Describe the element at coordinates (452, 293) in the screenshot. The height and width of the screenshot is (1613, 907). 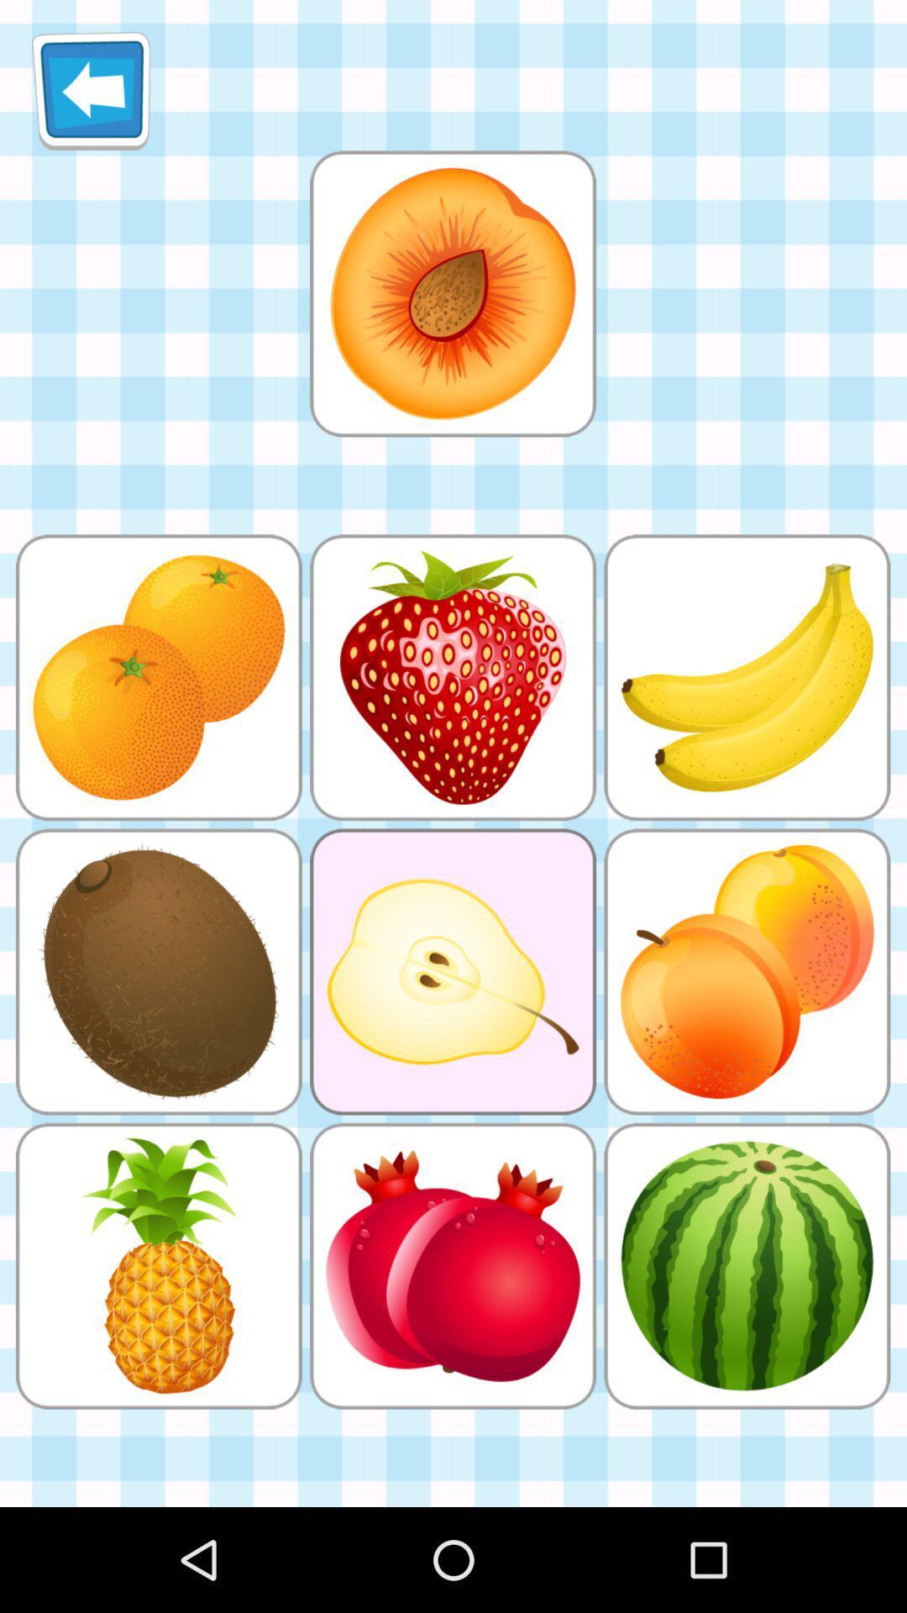
I see `choose peach` at that location.